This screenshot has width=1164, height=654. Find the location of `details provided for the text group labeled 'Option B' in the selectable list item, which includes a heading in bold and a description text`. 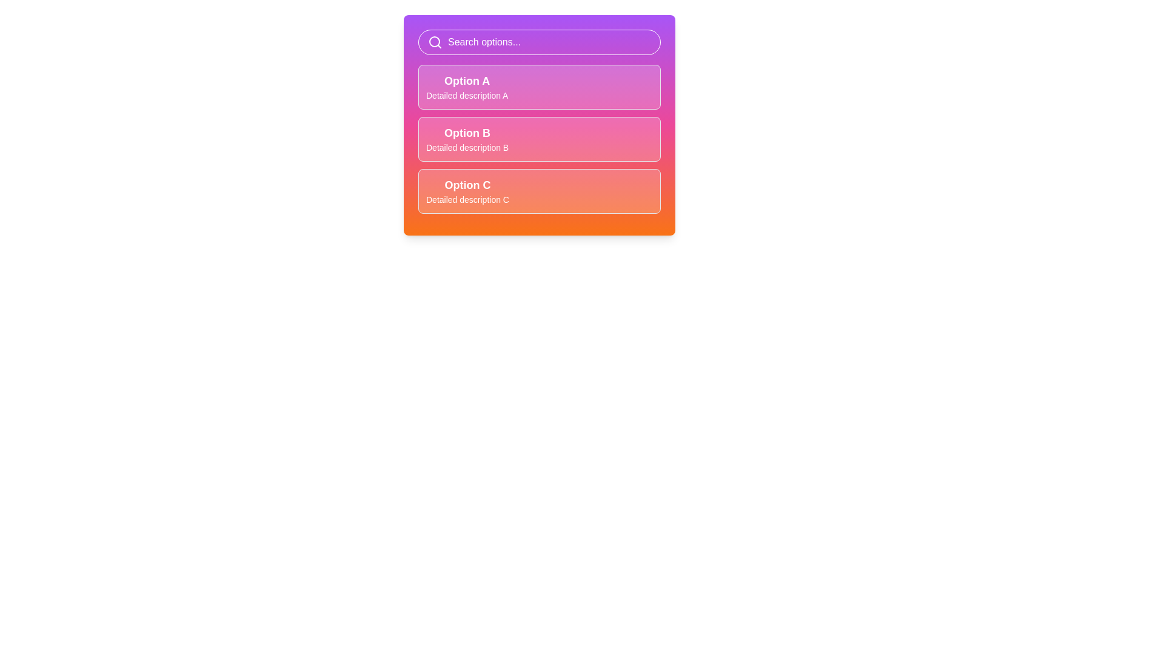

details provided for the text group labeled 'Option B' in the selectable list item, which includes a heading in bold and a description text is located at coordinates (467, 139).